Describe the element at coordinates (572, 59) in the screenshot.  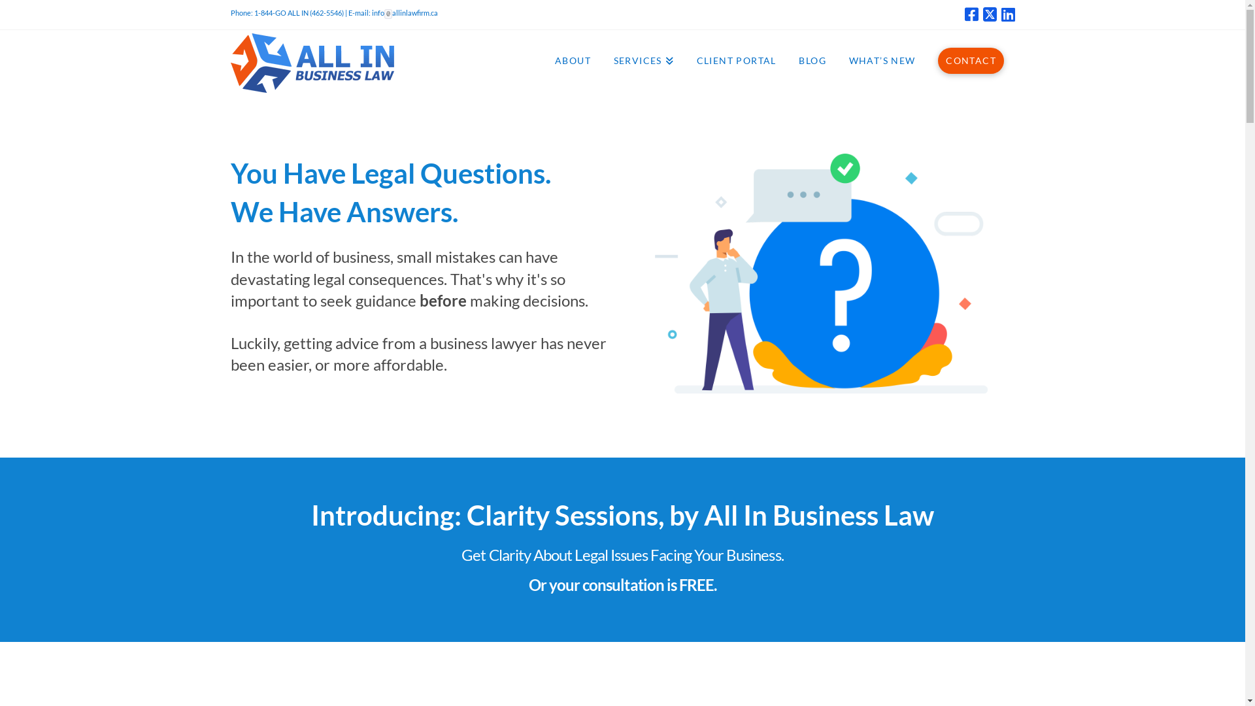
I see `'ABOUT'` at that location.